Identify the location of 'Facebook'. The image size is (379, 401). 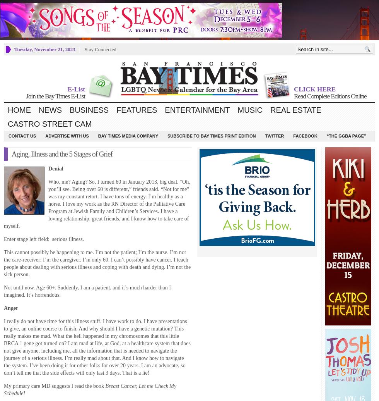
(305, 136).